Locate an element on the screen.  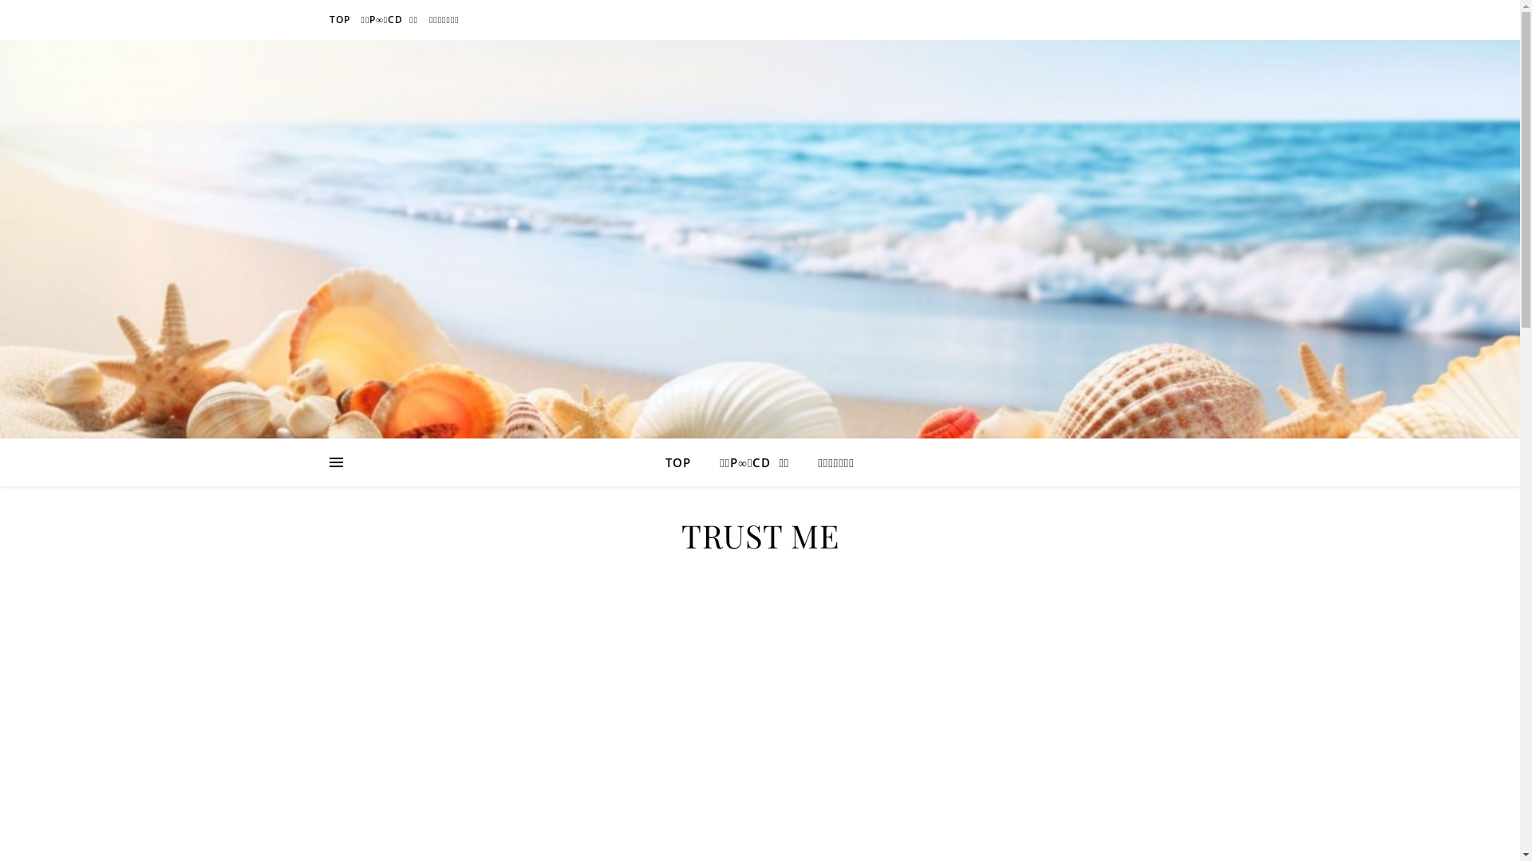
'TOP' is located at coordinates (340, 19).